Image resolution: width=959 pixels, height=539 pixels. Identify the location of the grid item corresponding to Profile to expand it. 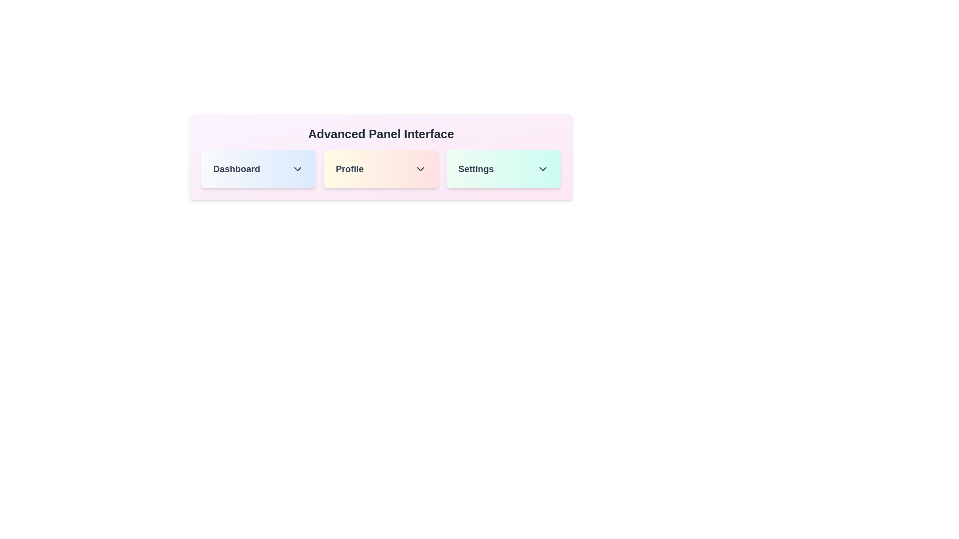
(381, 169).